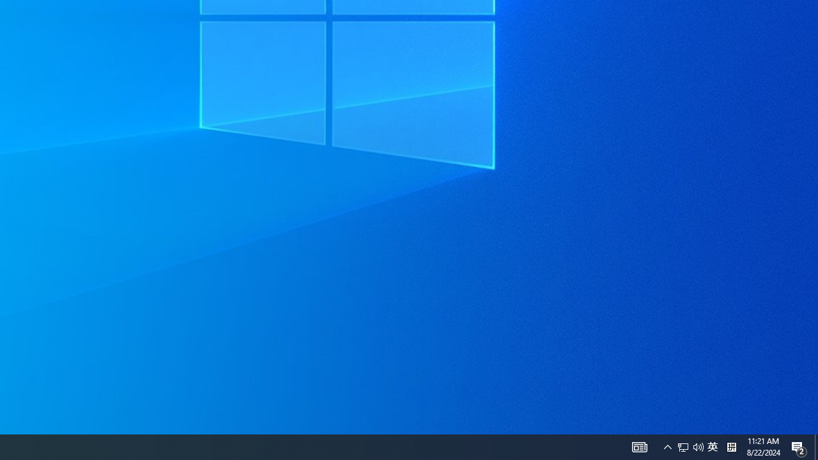 This screenshot has width=818, height=460. I want to click on 'Notification Chevron', so click(639, 446).